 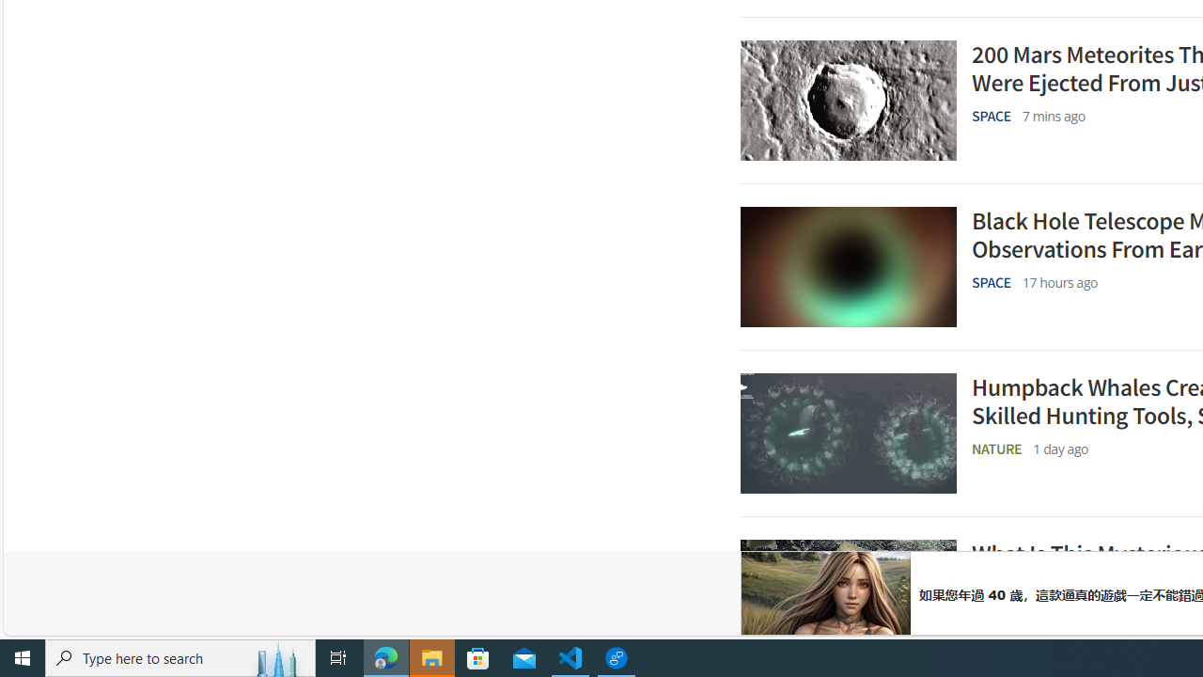 What do you see at coordinates (847, 101) in the screenshot?
I see `'A grey image of a crater on Mars'` at bounding box center [847, 101].